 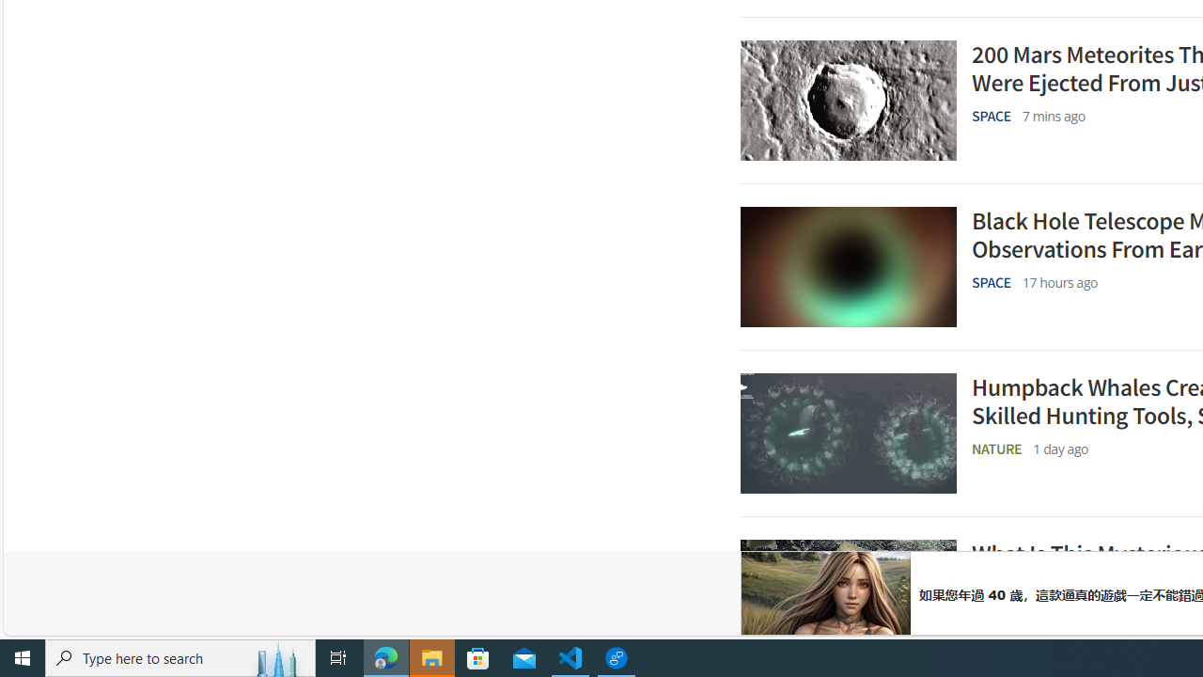 What do you see at coordinates (847, 101) in the screenshot?
I see `'A grey image of a crater on Mars'` at bounding box center [847, 101].